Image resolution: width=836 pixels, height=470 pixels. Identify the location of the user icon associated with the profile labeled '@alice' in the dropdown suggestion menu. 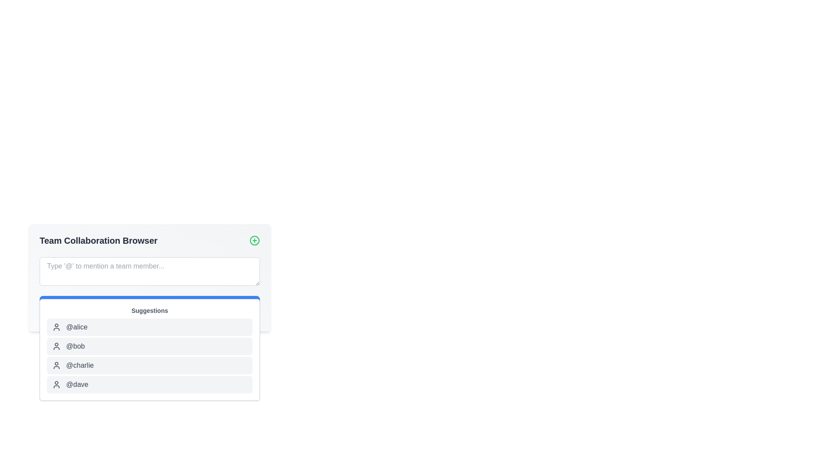
(56, 327).